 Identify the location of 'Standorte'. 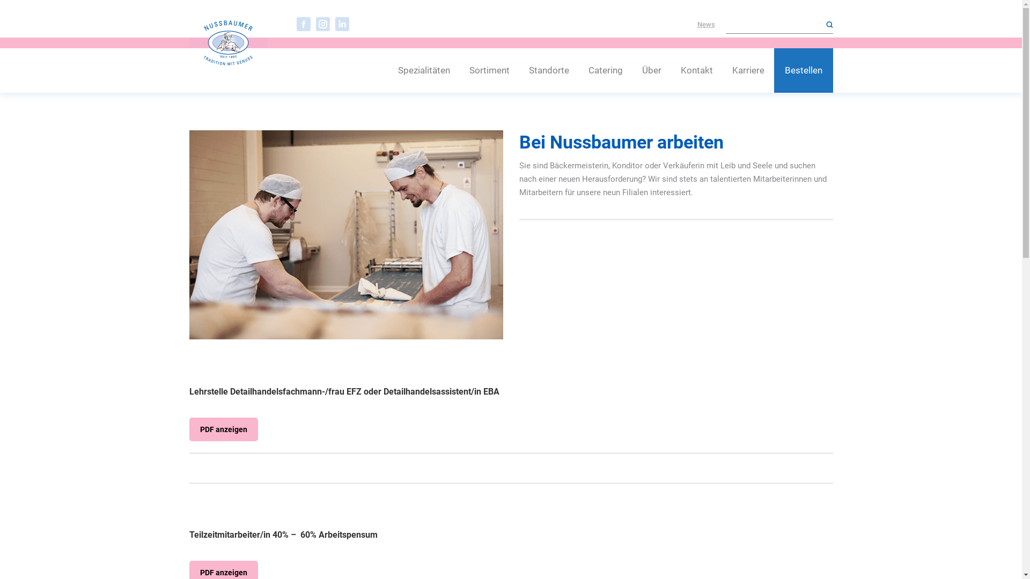
(549, 70).